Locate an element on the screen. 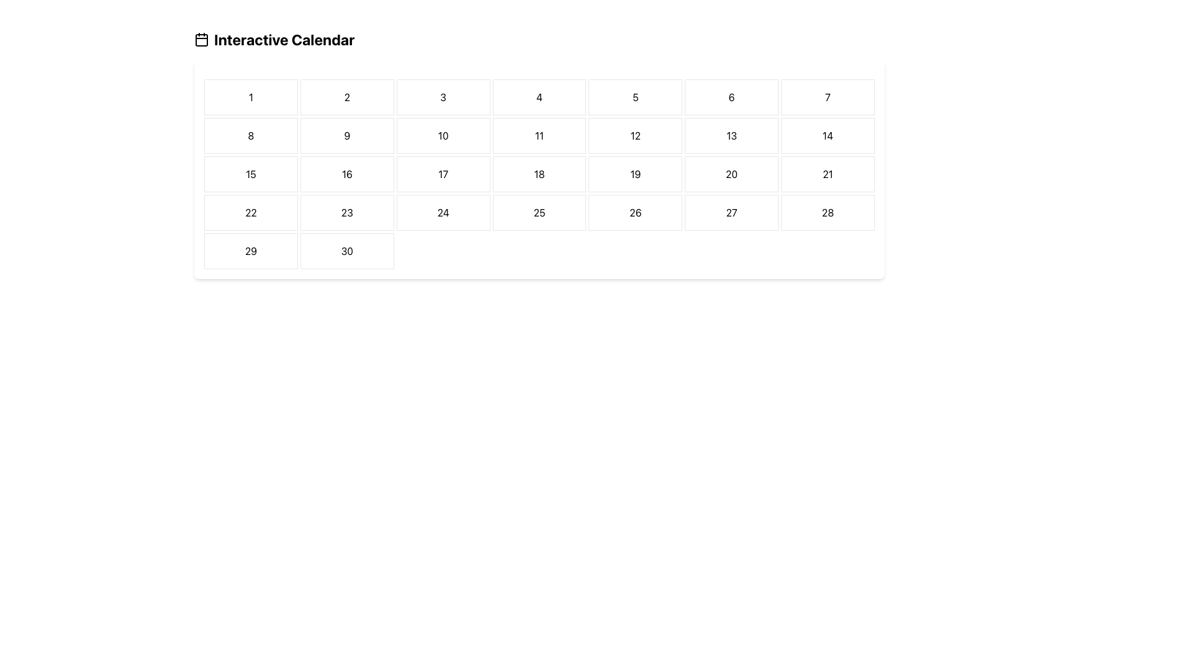 This screenshot has height=670, width=1192. the button-like component labeled '10' in the second row and third column of the grid is located at coordinates (443, 136).